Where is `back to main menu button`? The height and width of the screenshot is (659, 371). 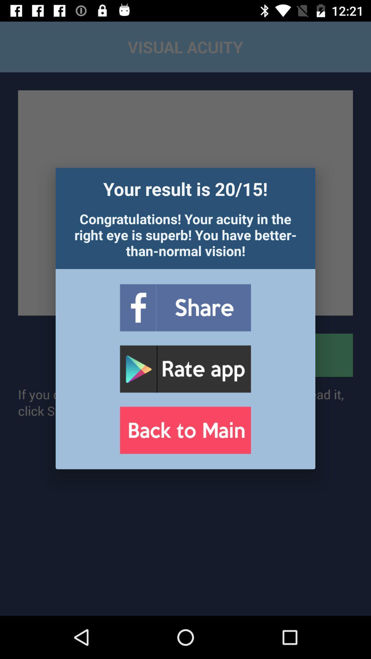
back to main menu button is located at coordinates (185, 430).